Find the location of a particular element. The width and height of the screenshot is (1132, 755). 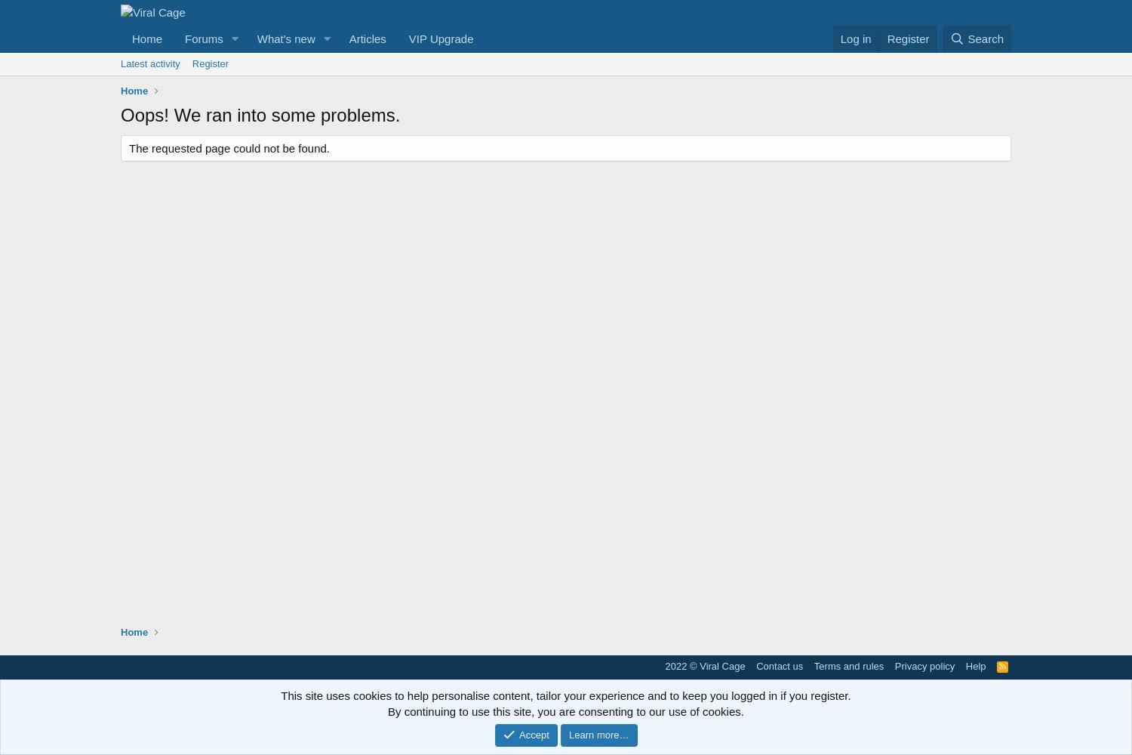

'Articles' is located at coordinates (366, 39).